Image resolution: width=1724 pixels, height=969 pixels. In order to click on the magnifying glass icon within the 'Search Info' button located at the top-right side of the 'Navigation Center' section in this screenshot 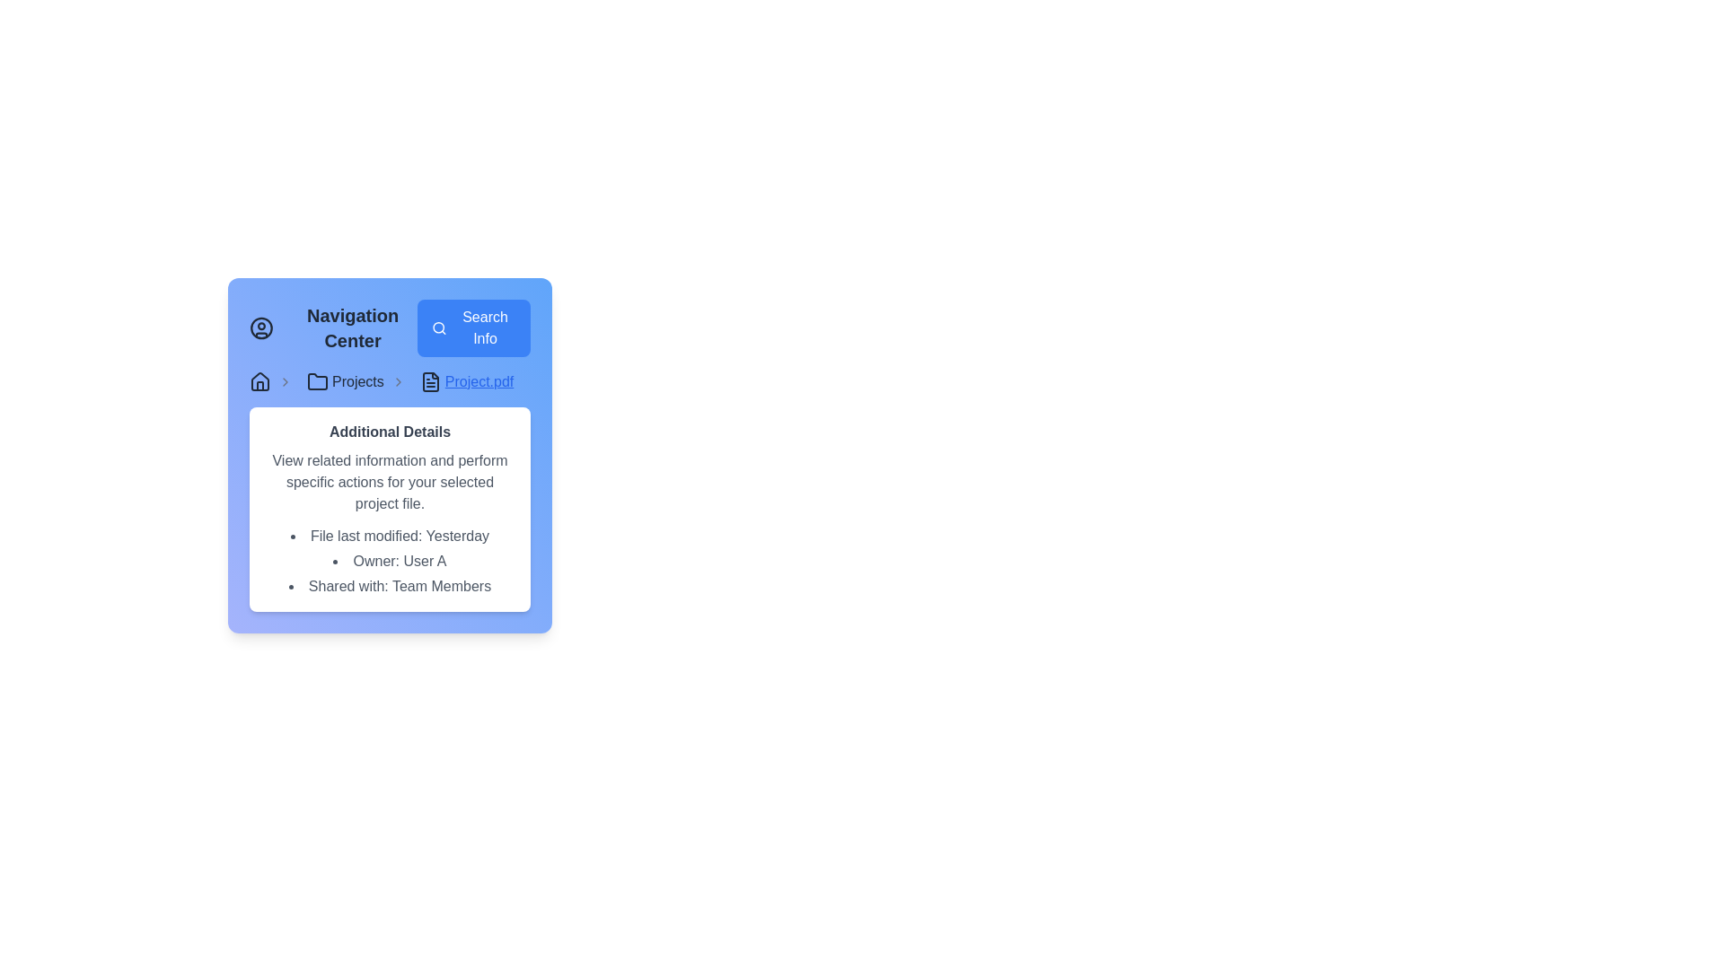, I will do `click(439, 328)`.